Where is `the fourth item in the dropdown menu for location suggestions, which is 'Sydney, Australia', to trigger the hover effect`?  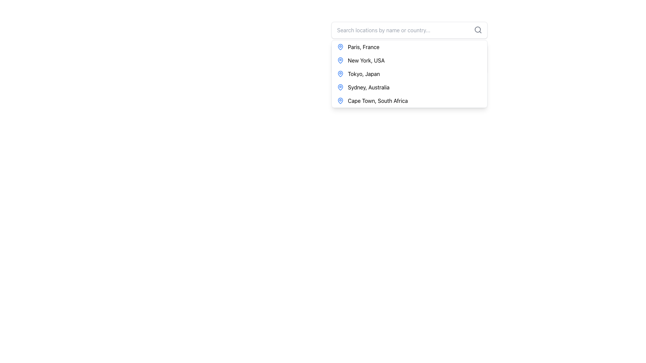
the fourth item in the dropdown menu for location suggestions, which is 'Sydney, Australia', to trigger the hover effect is located at coordinates (409, 87).